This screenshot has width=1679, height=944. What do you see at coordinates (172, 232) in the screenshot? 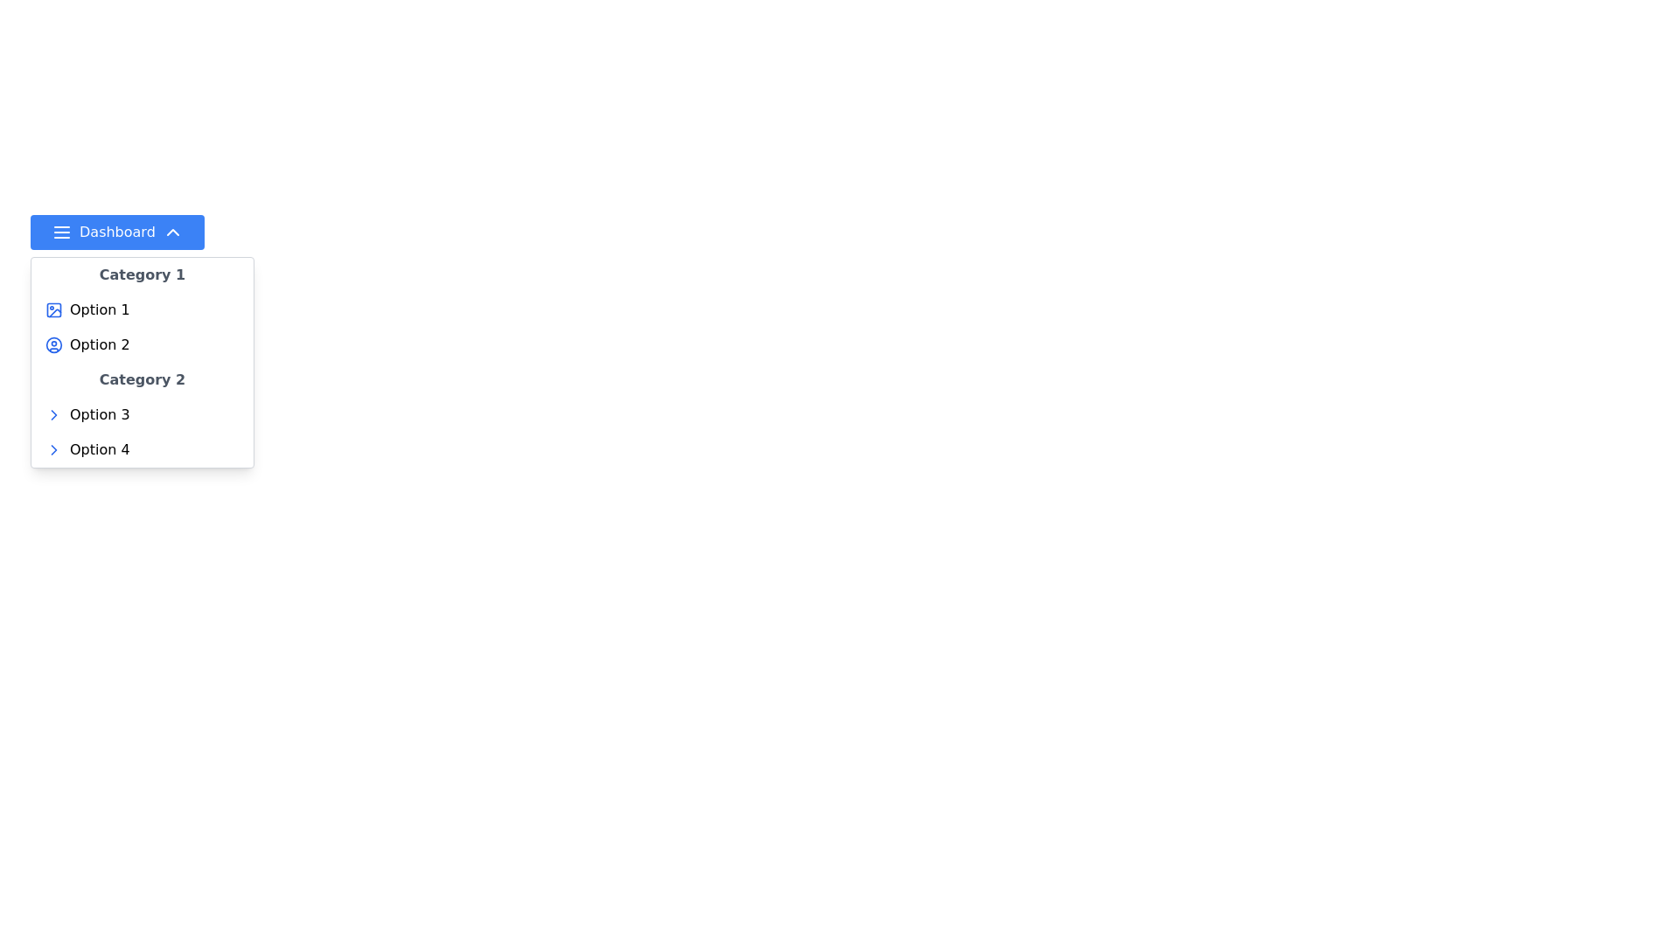
I see `the downward-facing chevron arrow icon, which is styled with a white outline on a blue background and located to the right of the 'Dashboard' text, indicating an expandable section` at bounding box center [172, 232].